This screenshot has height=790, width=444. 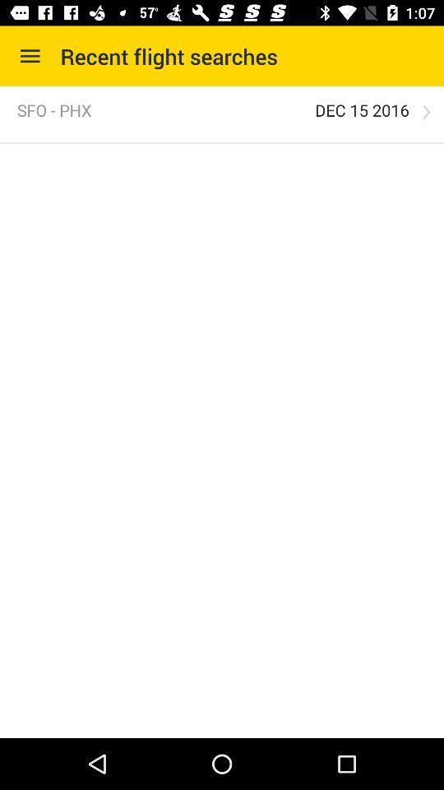 What do you see at coordinates (54, 109) in the screenshot?
I see `the item to the left of the dec 15 2016` at bounding box center [54, 109].